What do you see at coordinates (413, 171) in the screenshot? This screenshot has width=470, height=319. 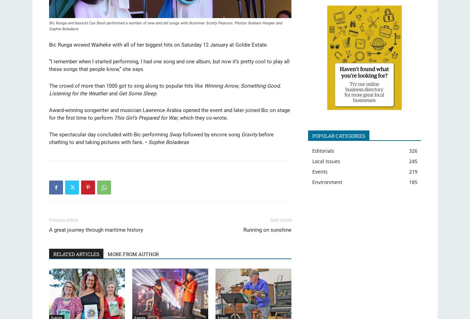 I see `'219'` at bounding box center [413, 171].